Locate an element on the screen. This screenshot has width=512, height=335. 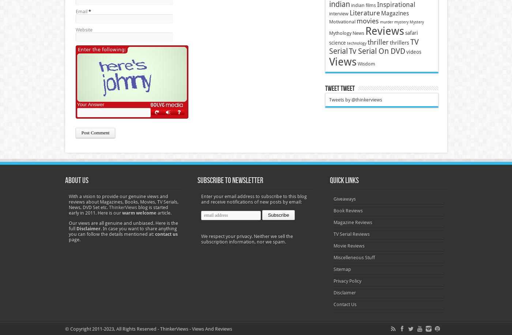
'Views' is located at coordinates (342, 62).